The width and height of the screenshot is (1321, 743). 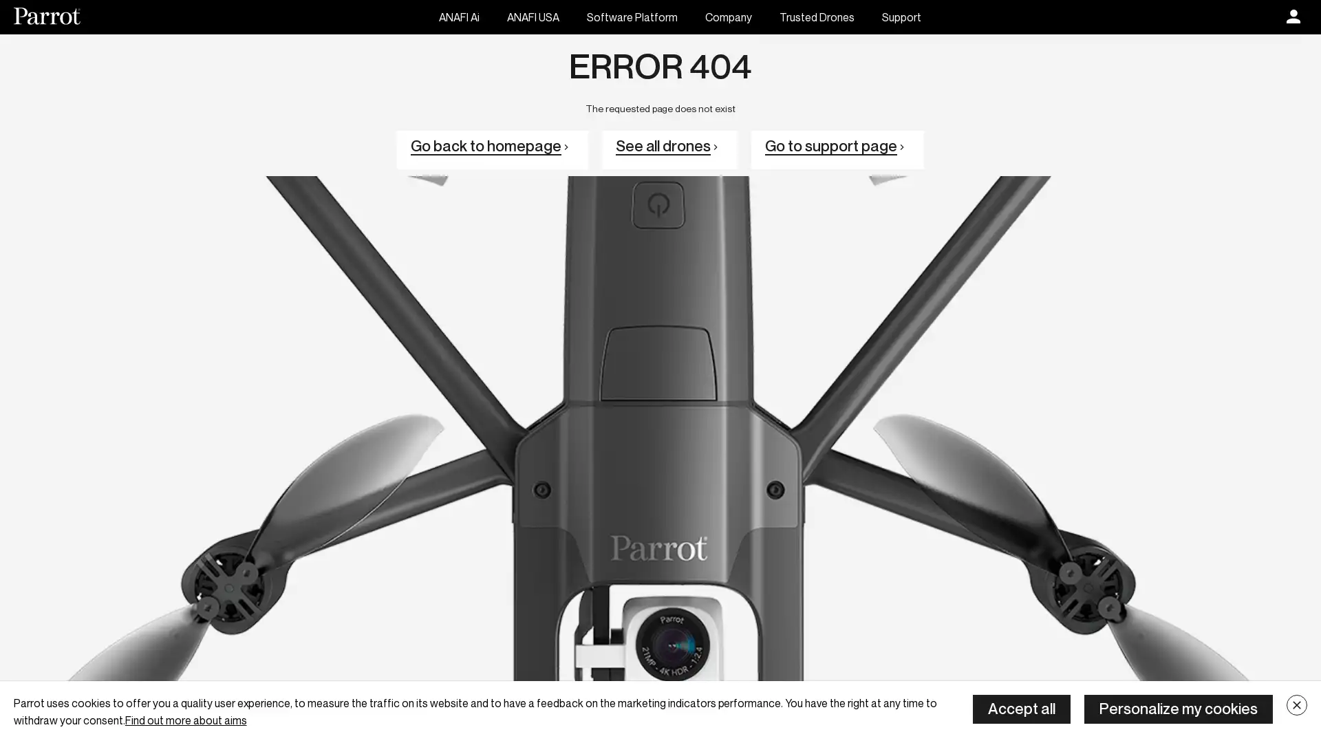 What do you see at coordinates (1178, 709) in the screenshot?
I see `Personalize my cookies` at bounding box center [1178, 709].